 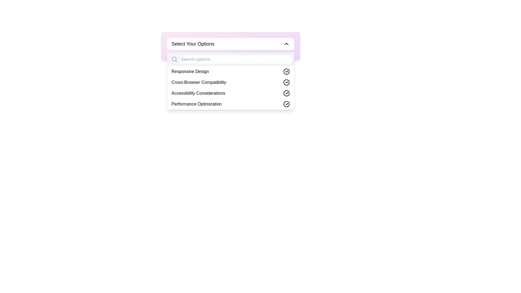 What do you see at coordinates (236, 59) in the screenshot?
I see `to select text in the text input field located` at bounding box center [236, 59].